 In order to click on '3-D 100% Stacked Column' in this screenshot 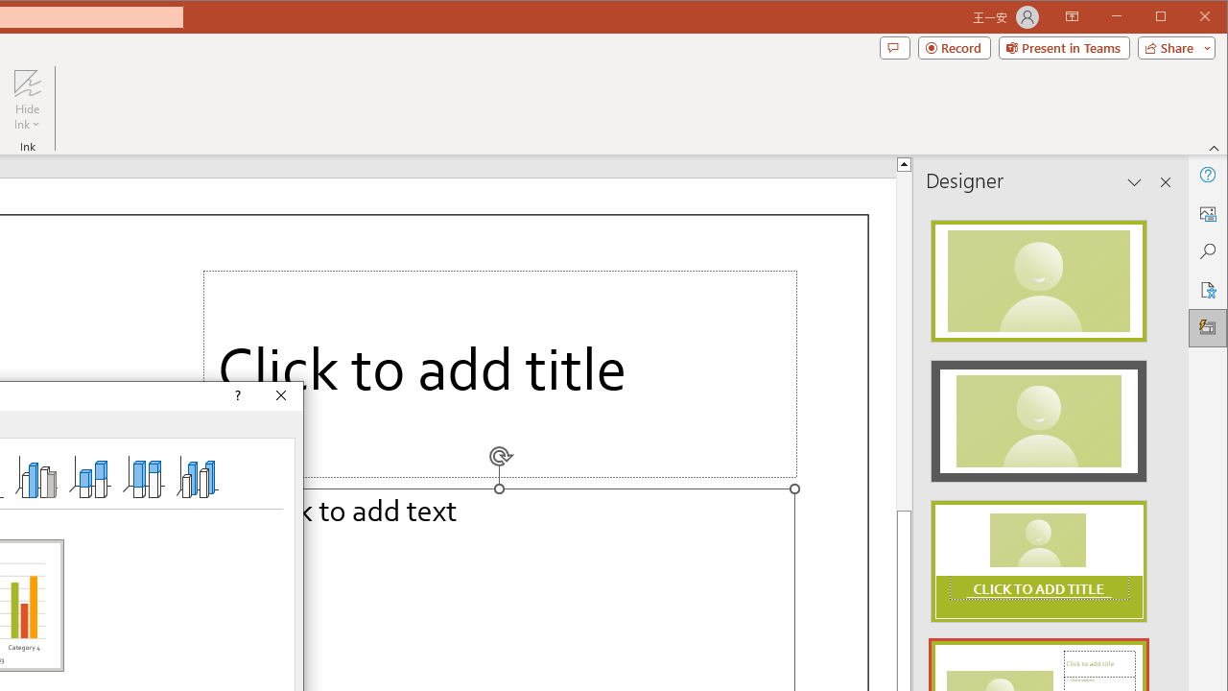, I will do `click(142, 475)`.